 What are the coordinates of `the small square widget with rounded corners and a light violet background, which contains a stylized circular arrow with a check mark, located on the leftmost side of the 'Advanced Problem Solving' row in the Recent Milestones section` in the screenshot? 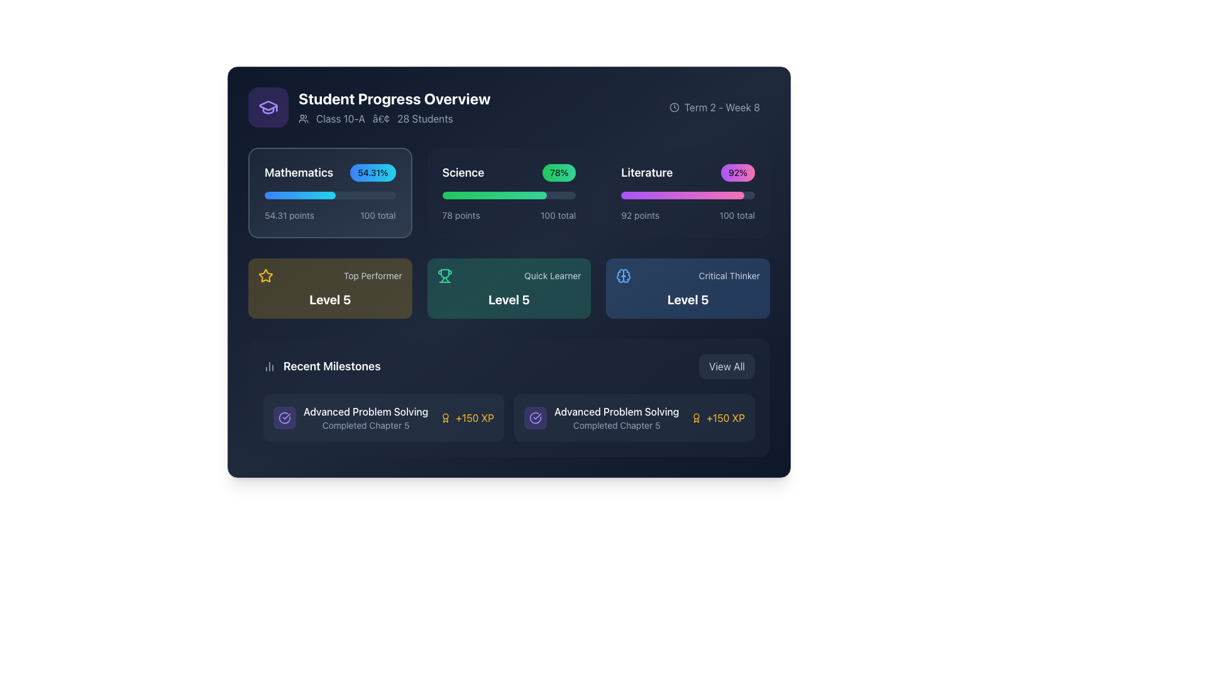 It's located at (284, 417).